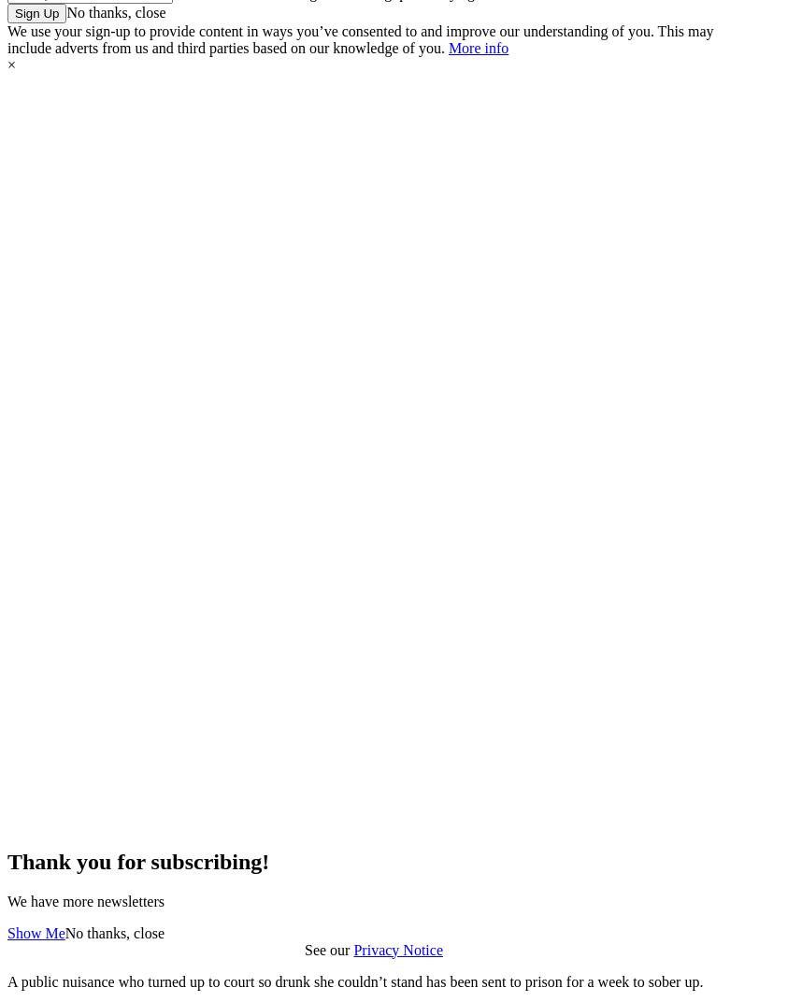 The height and width of the screenshot is (1002, 802). Describe the element at coordinates (355, 981) in the screenshot. I see `'A public nuisance who turned up to court so drunk she couldn’t stand has been sent to prison for a week to sober up.'` at that location.